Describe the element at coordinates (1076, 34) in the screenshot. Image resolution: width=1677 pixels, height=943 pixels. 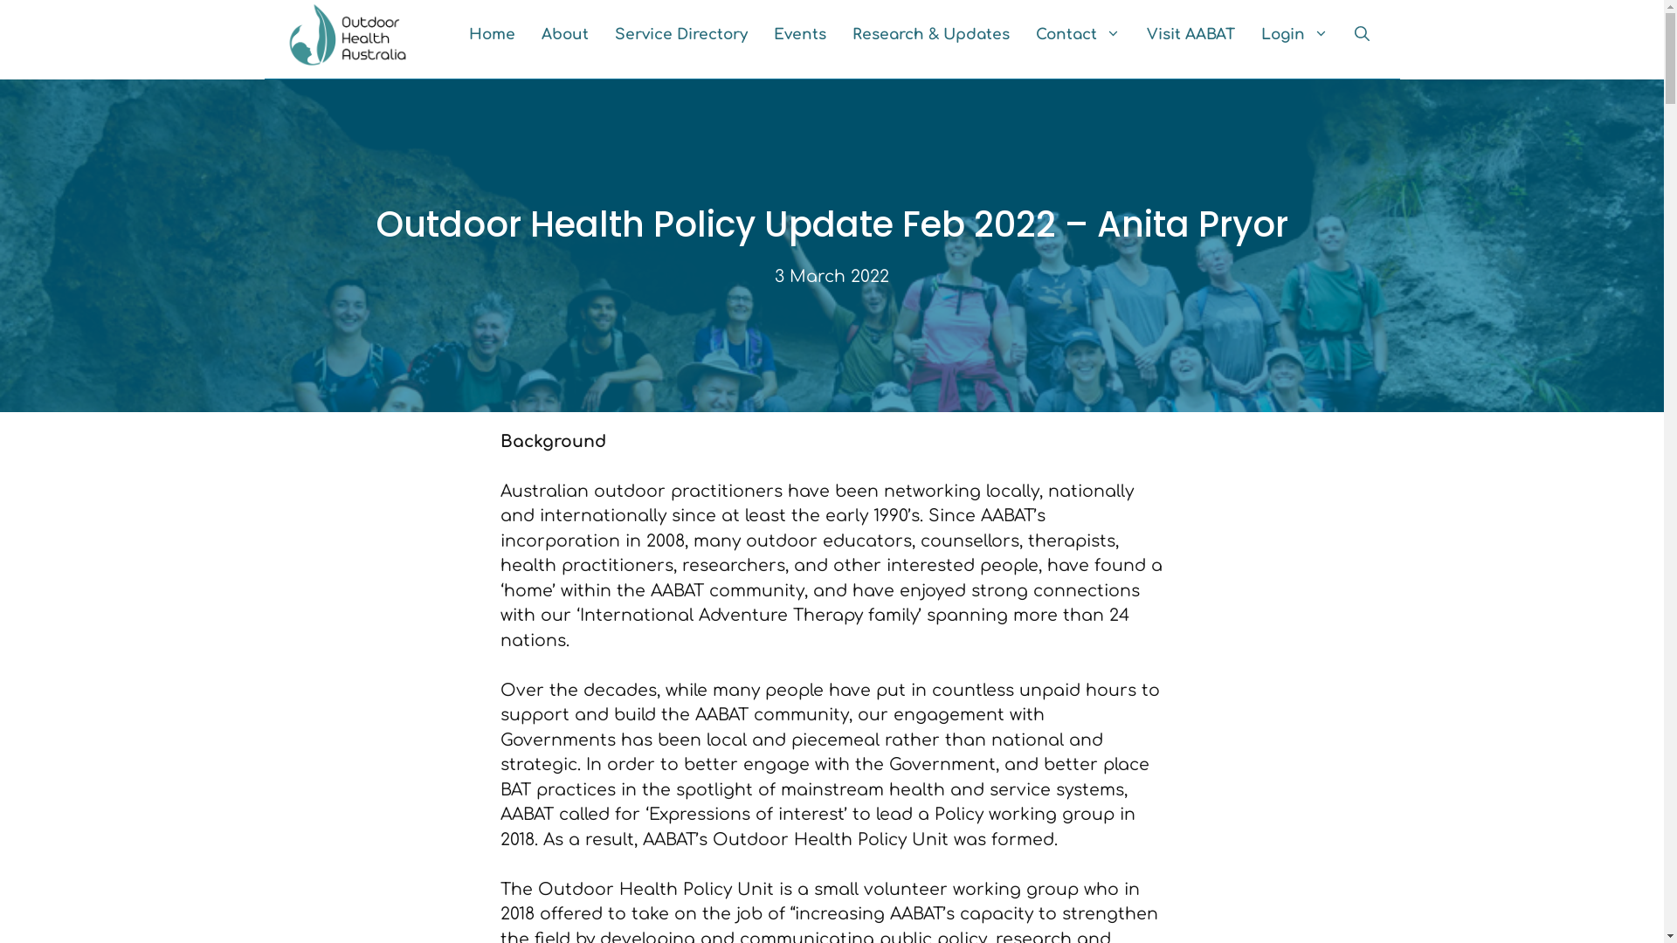
I see `'Contact'` at that location.